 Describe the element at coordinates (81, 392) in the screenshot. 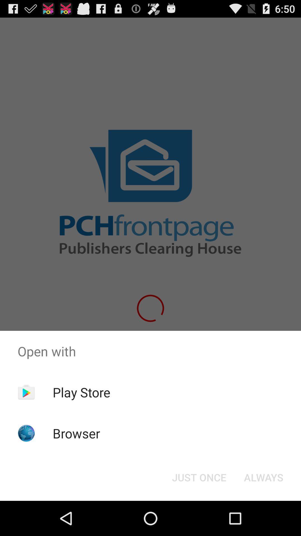

I see `the icon below open with` at that location.